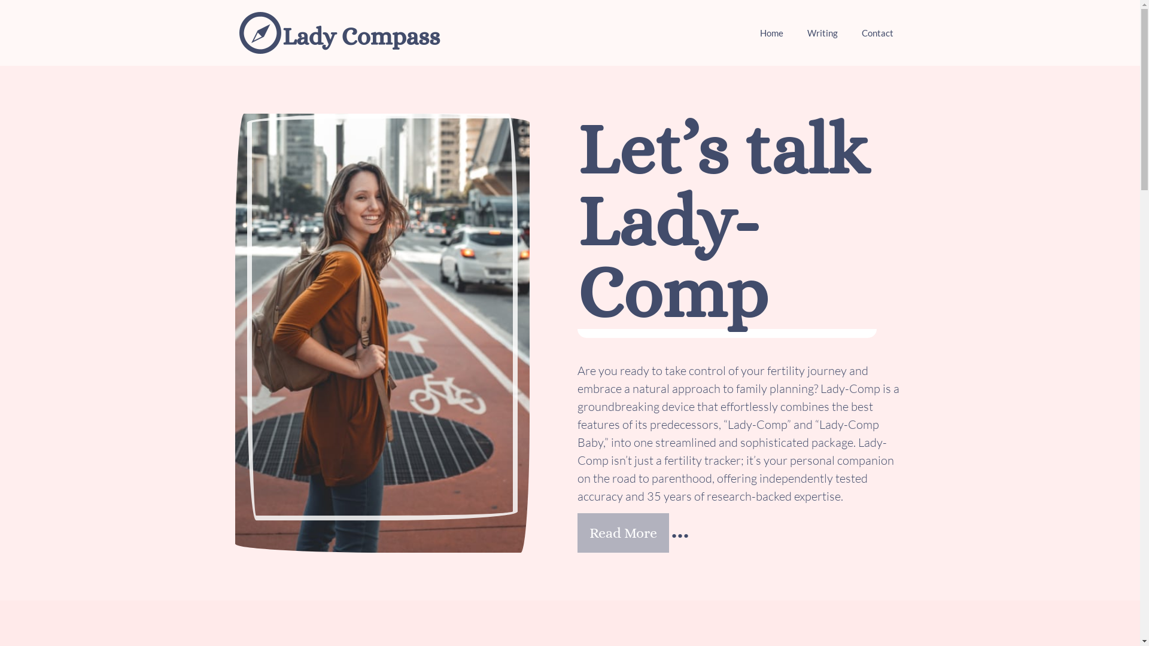  I want to click on 'Home', so click(771, 32).